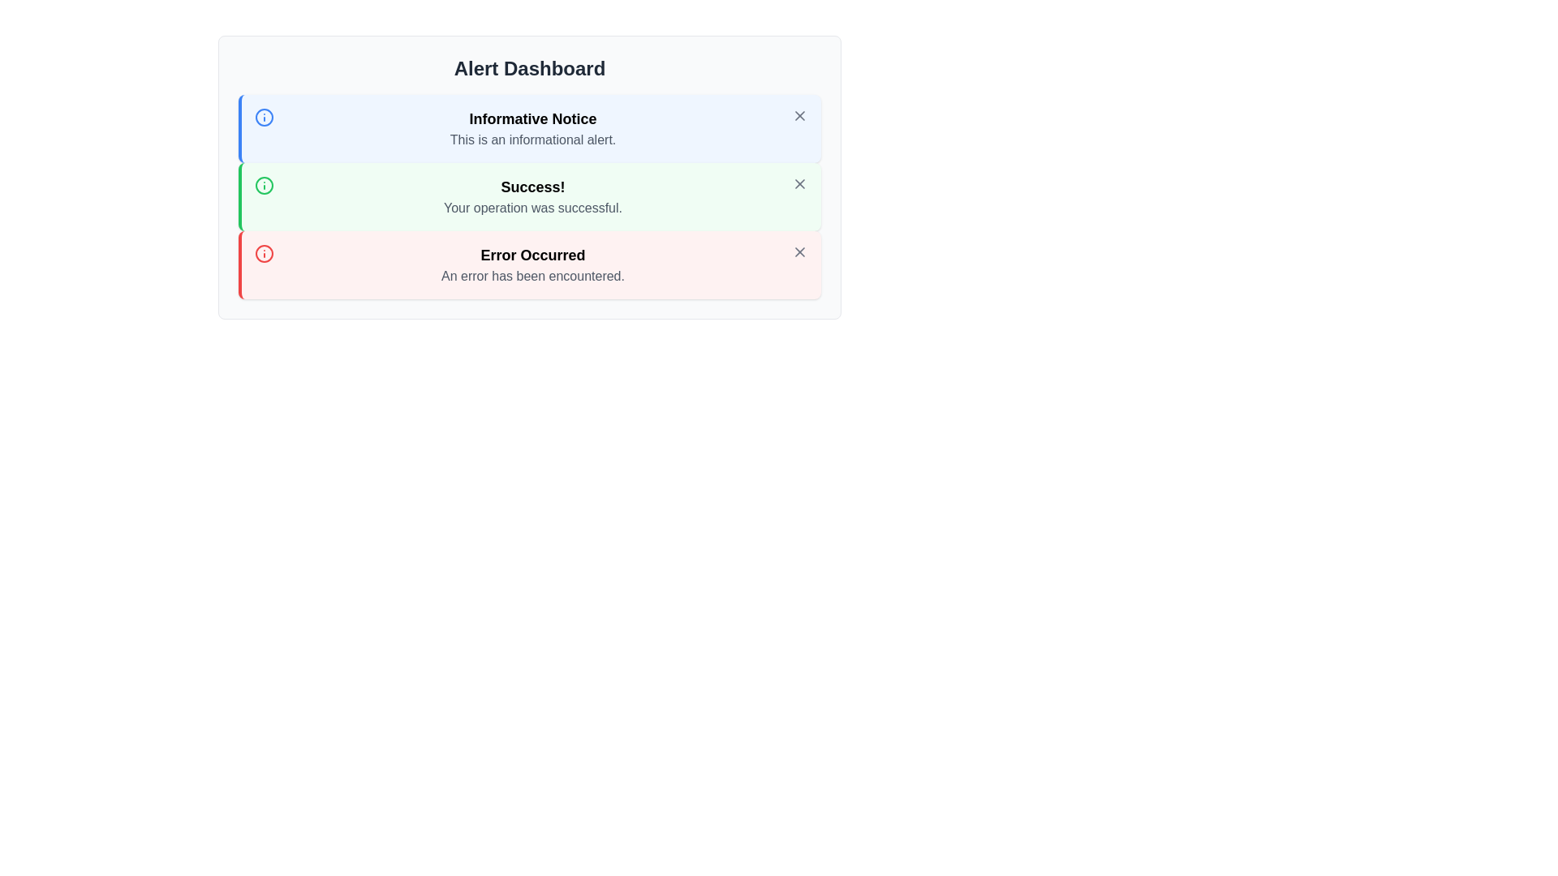 The height and width of the screenshot is (876, 1558). I want to click on the 'Alert Dashboard' text header, which is styled in a bold, large font and colored dark gray, located above the alert messages, so click(529, 67).